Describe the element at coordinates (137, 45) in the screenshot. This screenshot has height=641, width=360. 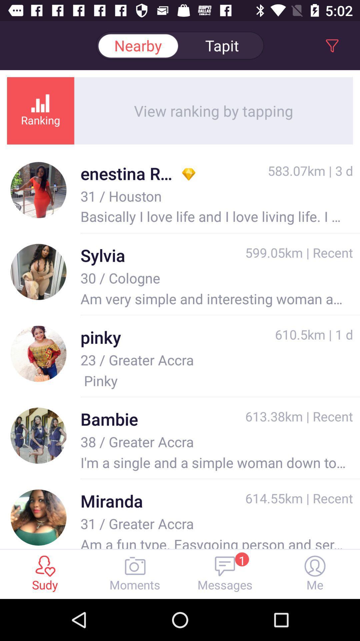
I see `the icon to the left of the tapit item` at that location.